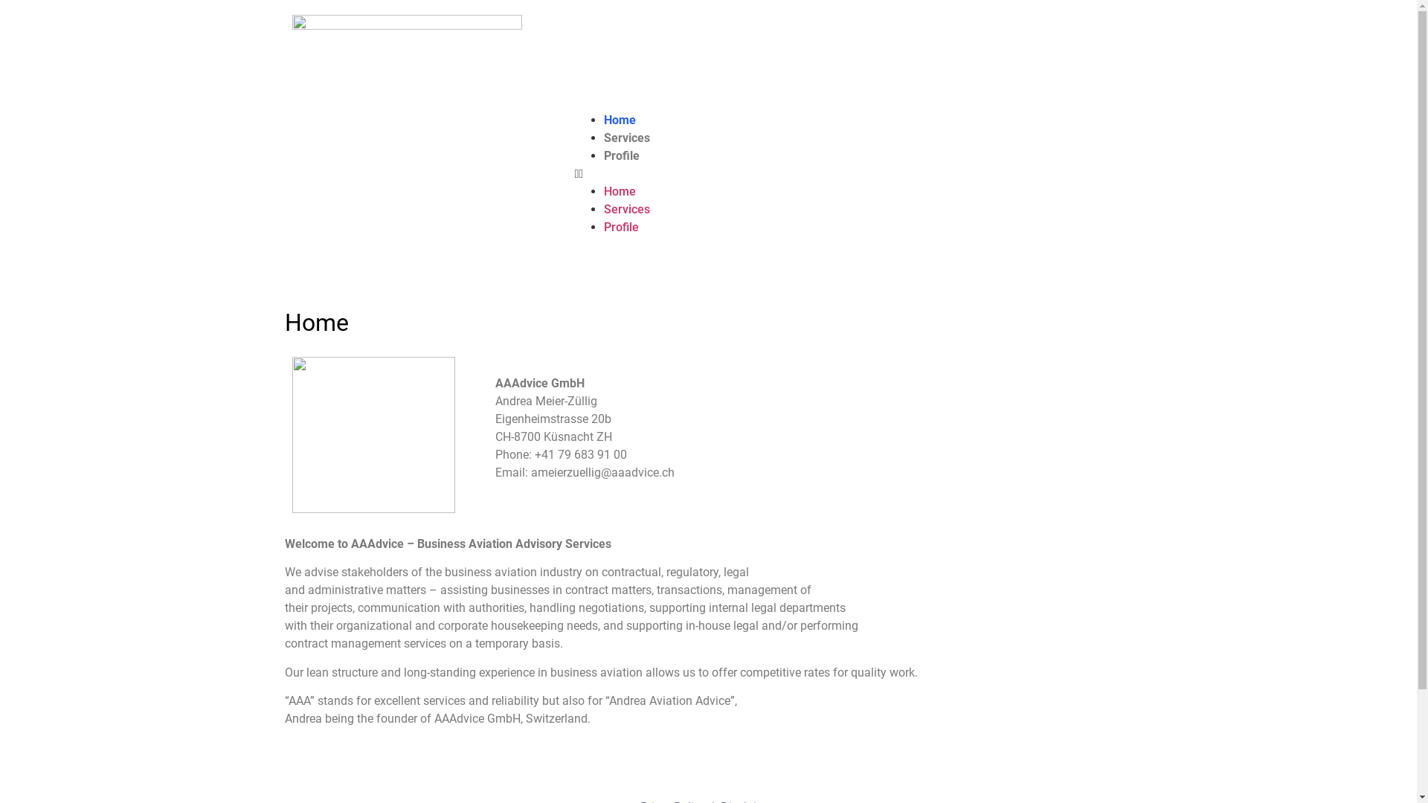 This screenshot has height=803, width=1428. I want to click on 'Services', so click(627, 209).